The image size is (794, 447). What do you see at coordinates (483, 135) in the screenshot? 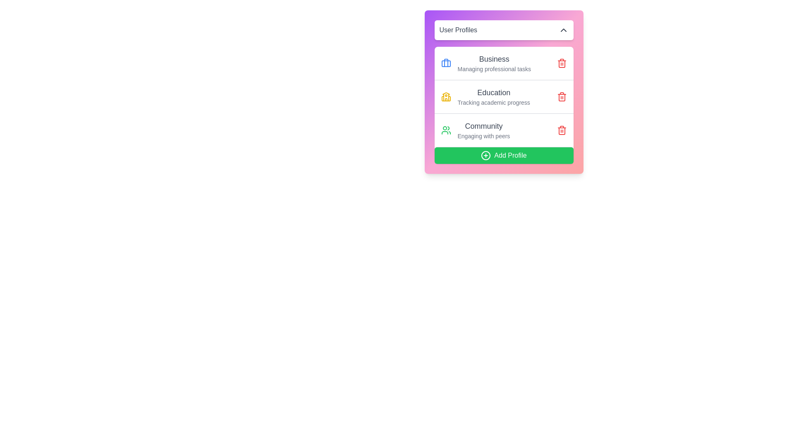
I see `the text label providing additional information about the 'Community' profile category, located beneath the 'Community' label in the profile categories list` at bounding box center [483, 135].